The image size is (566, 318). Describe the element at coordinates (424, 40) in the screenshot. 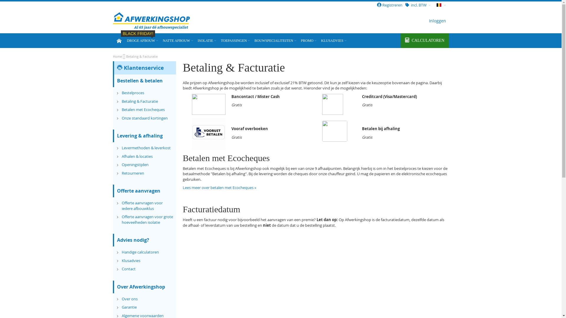

I see `'CALCULATOREN'` at that location.